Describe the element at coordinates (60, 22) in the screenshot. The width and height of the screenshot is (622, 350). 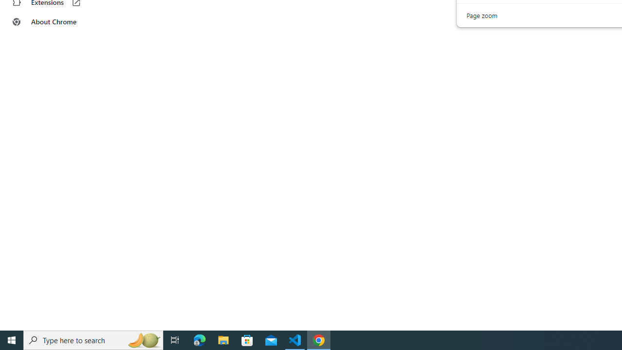
I see `'About Chrome'` at that location.